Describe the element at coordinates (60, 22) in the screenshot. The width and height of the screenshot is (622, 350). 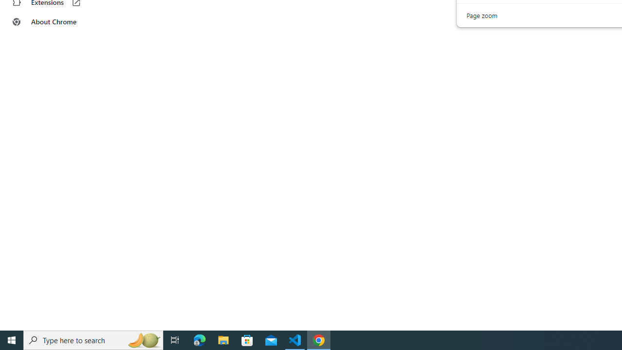
I see `'About Chrome'` at that location.